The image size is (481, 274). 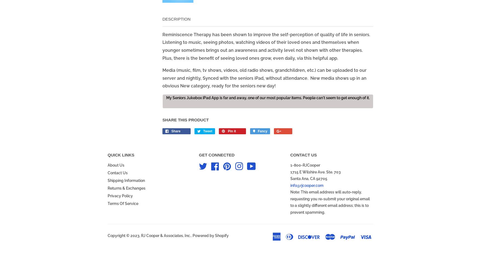 I want to click on 'Note: This email address will auto-reply, requesting you re-submit your original email to a slightly different email address; this is to prevent spamming.', so click(x=330, y=202).